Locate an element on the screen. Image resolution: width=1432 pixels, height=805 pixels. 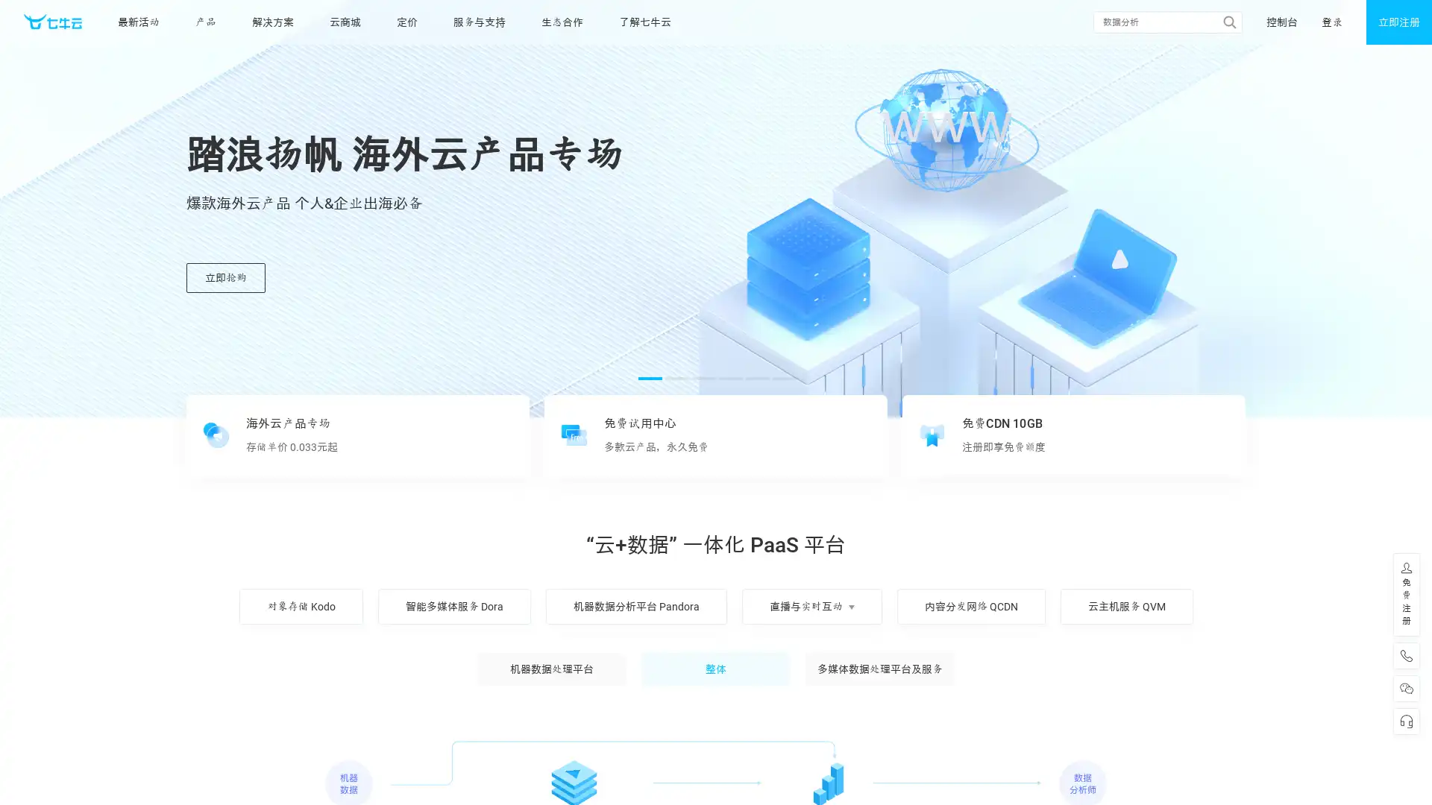
4 is located at coordinates (730, 378).